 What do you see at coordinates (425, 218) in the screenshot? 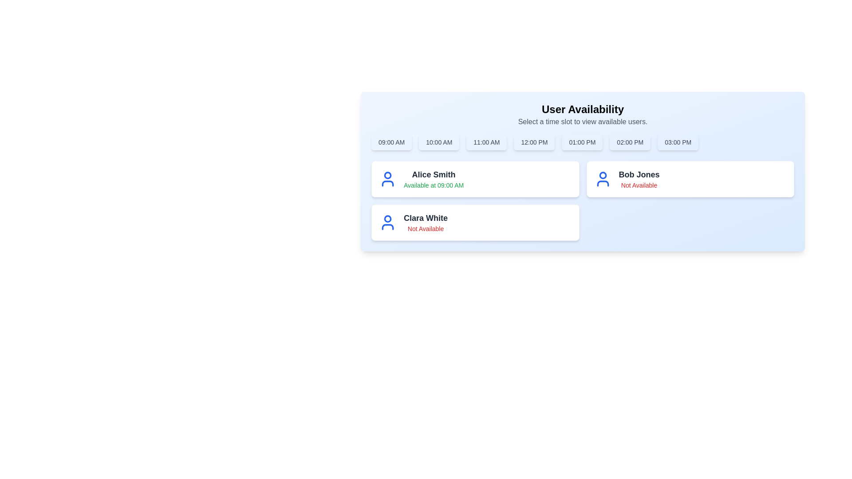
I see `the text label displaying the user's name 'Clara White' located in the second slot of the first column within the user availability section` at bounding box center [425, 218].